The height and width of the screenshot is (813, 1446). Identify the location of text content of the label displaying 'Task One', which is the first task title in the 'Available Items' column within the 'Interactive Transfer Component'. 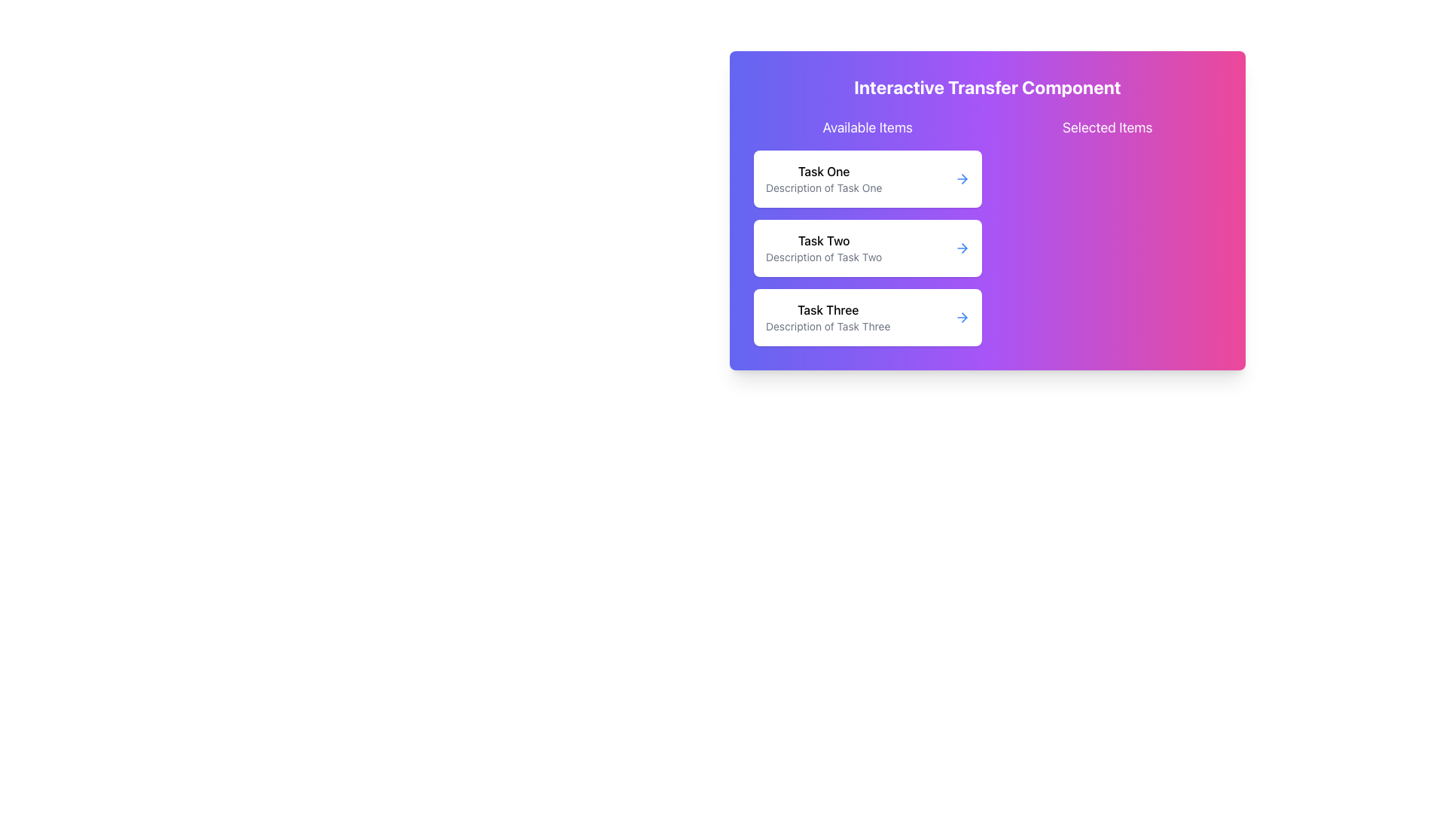
(823, 170).